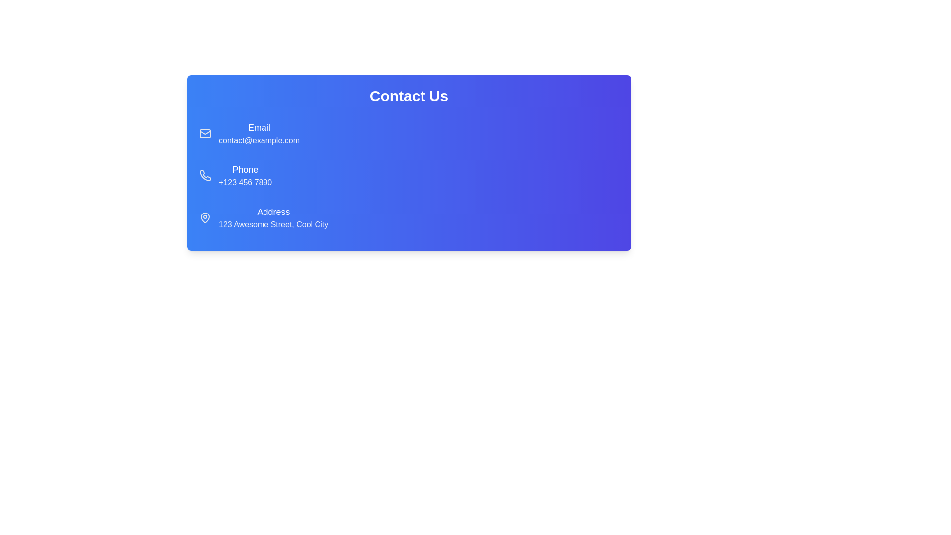 This screenshot has width=951, height=535. I want to click on the static content display section that presents a contact phone number, located between the 'Email' and 'Address' sections, so click(409, 175).